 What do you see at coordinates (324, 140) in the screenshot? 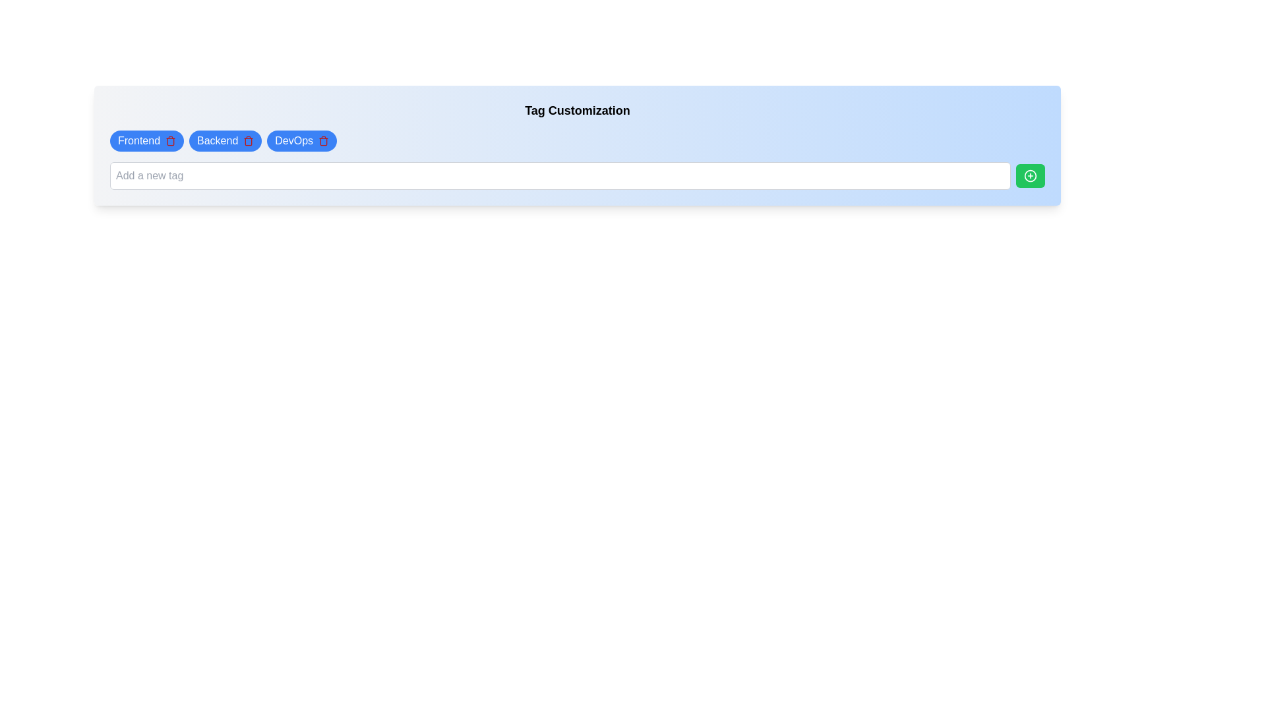
I see `the Trash icon button` at bounding box center [324, 140].